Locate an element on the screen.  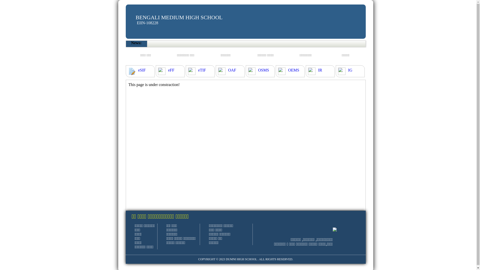
'OSMS' is located at coordinates (263, 70).